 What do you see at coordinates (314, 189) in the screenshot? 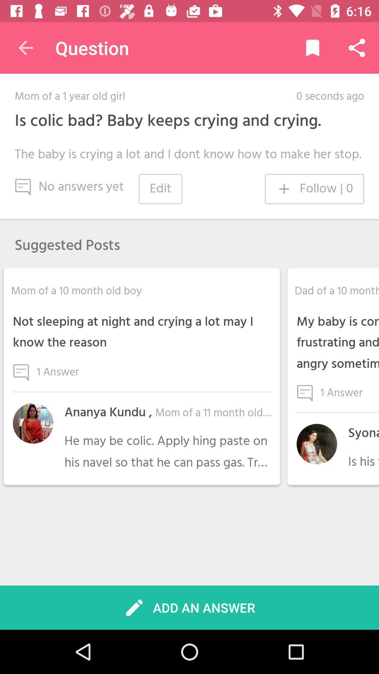
I see `item below the the baby is icon` at bounding box center [314, 189].